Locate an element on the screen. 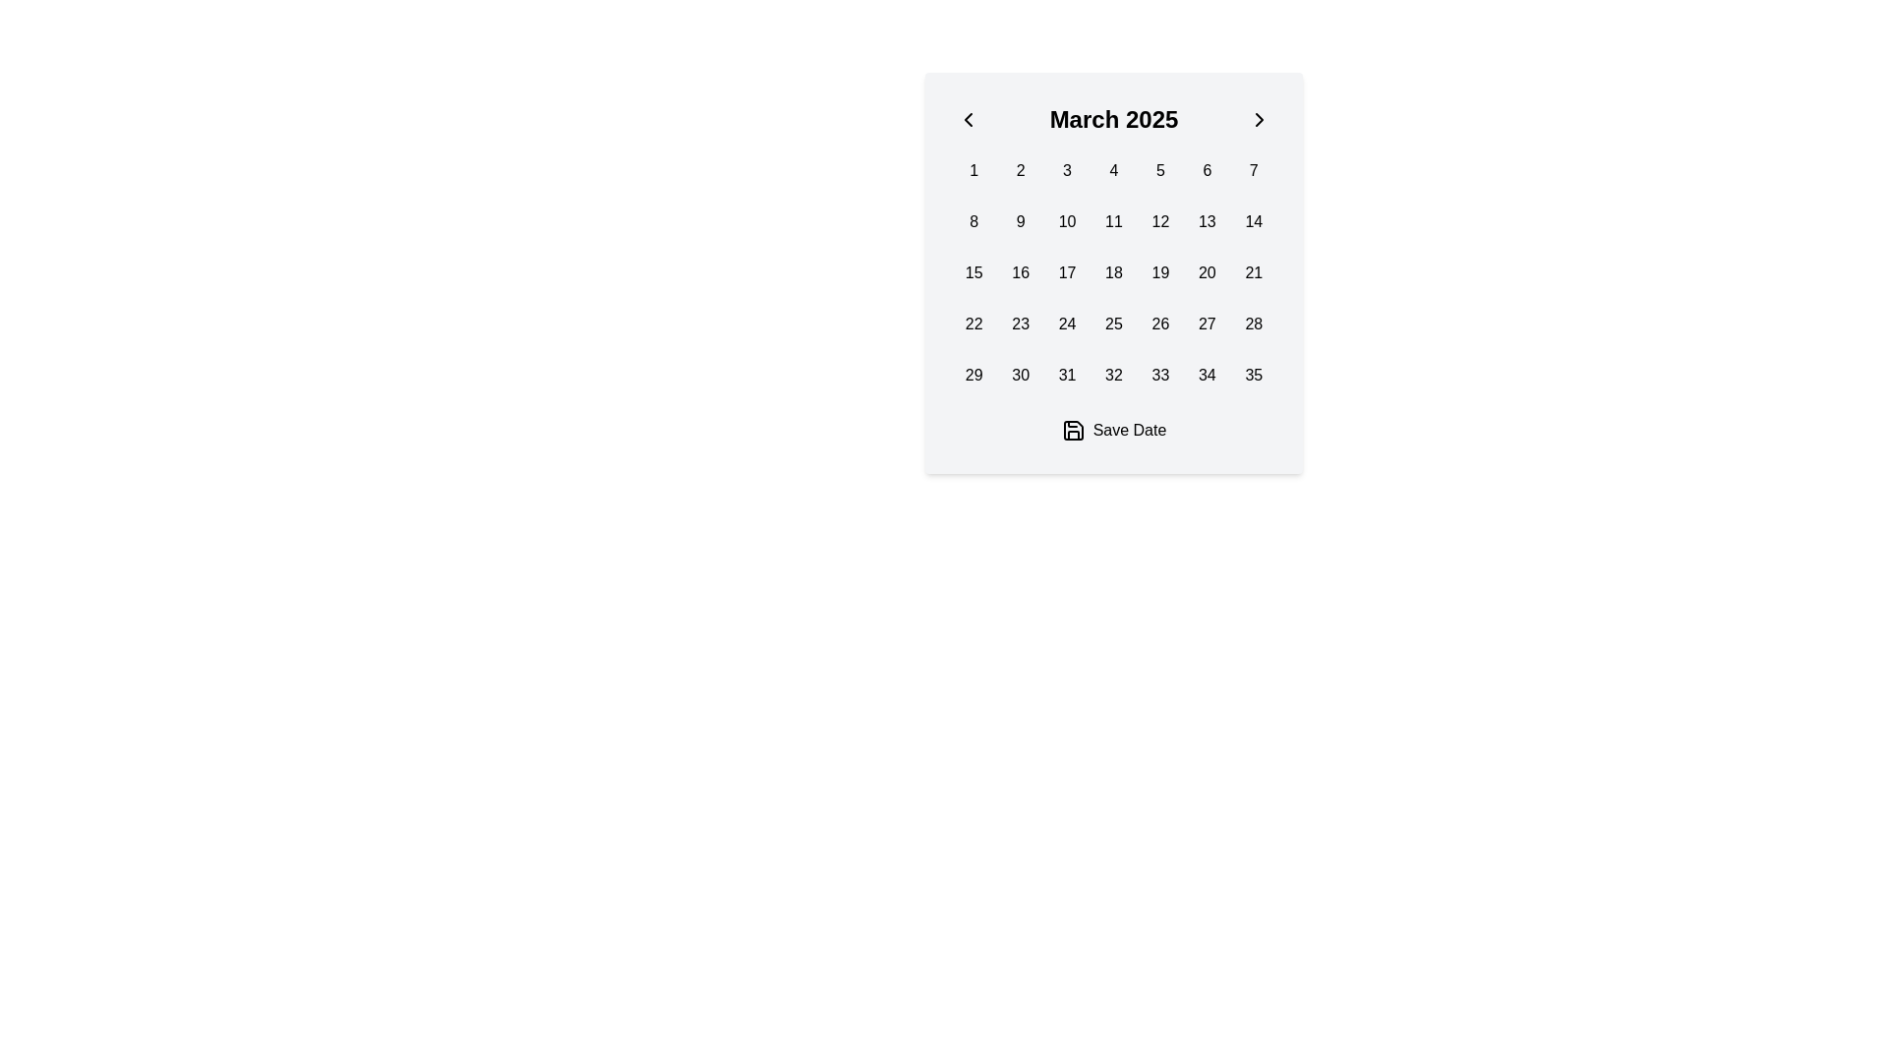  numbers displayed on the Interactive grid component representing the calendar for March 2025, located centrally below the heading and above the Save Date button is located at coordinates (1113, 272).